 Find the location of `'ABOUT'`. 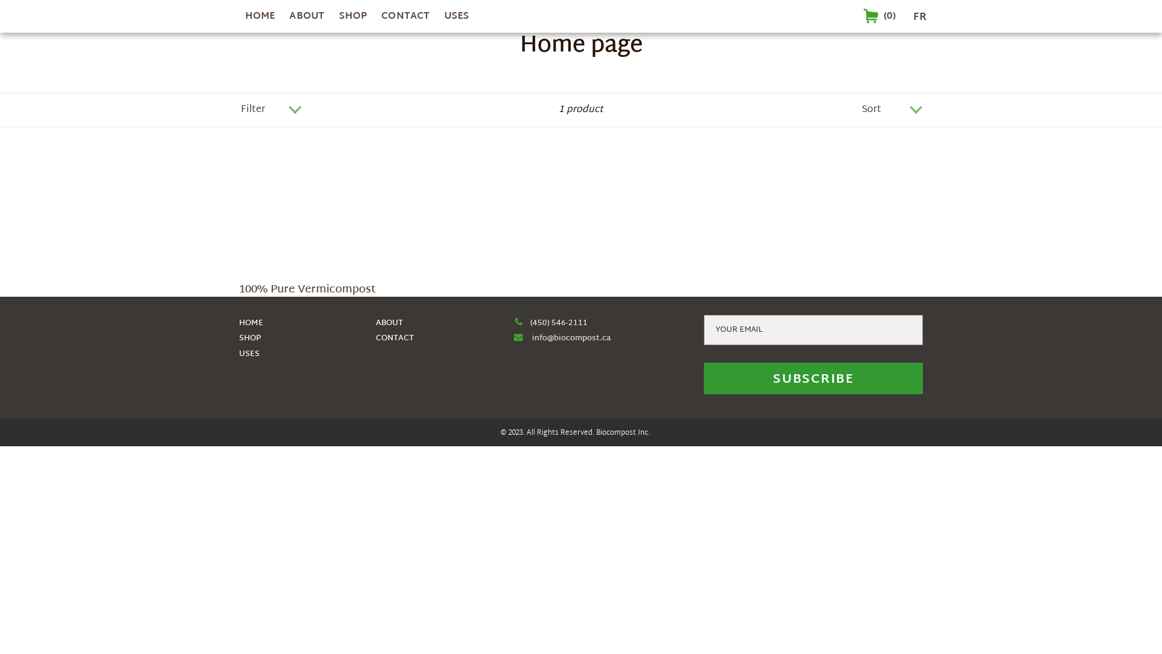

'ABOUT' is located at coordinates (389, 322).